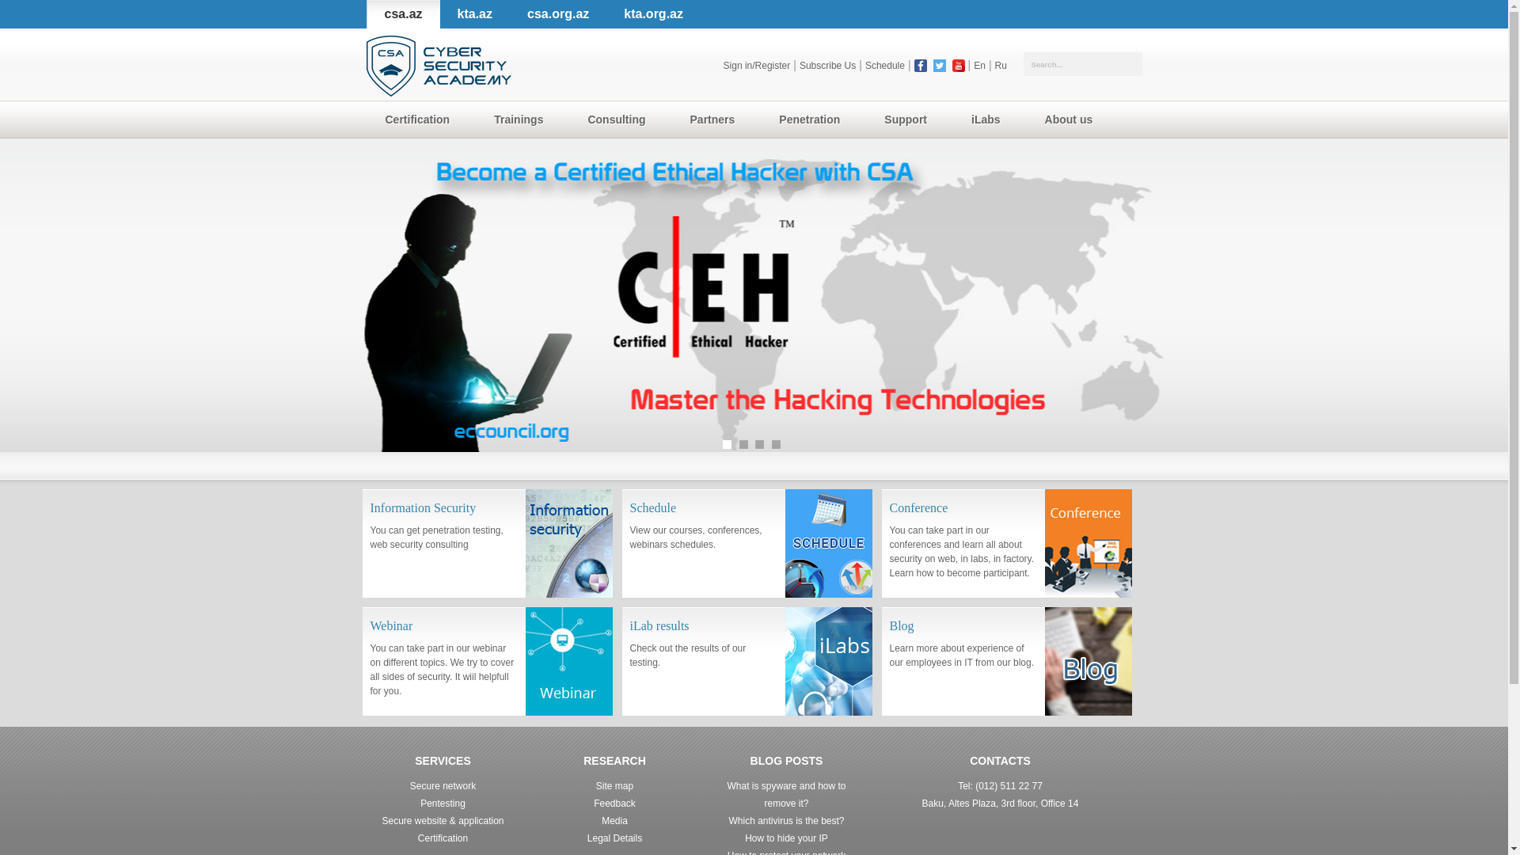  What do you see at coordinates (443, 803) in the screenshot?
I see `'Pentesting'` at bounding box center [443, 803].